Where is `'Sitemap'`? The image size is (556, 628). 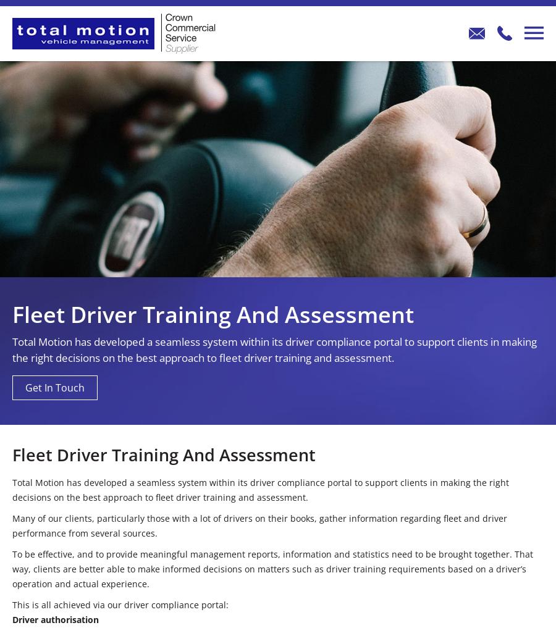
'Sitemap' is located at coordinates (428, 381).